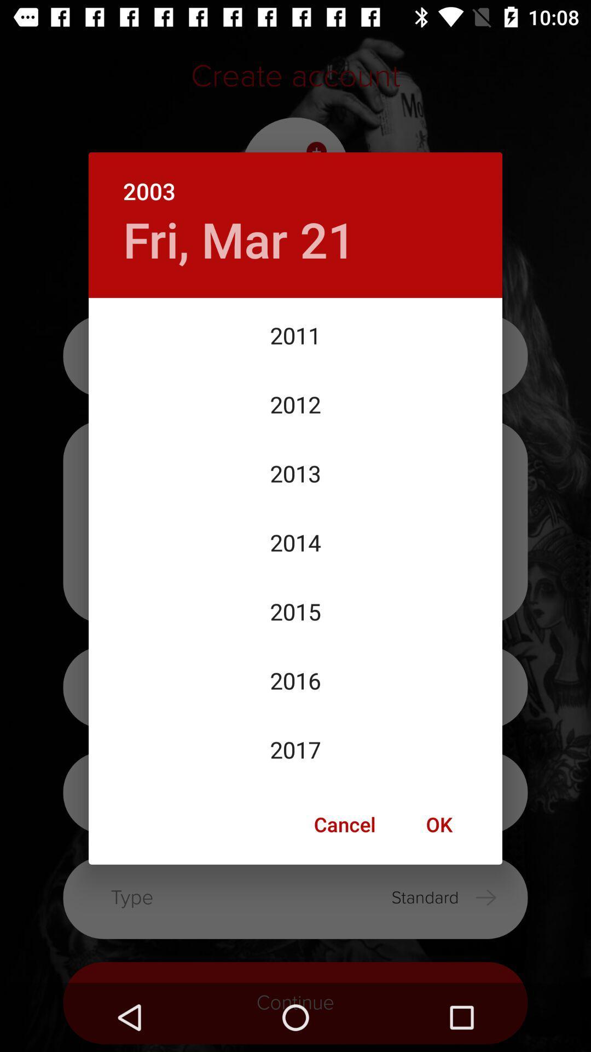  What do you see at coordinates (438, 824) in the screenshot?
I see `icon at the bottom right corner` at bounding box center [438, 824].